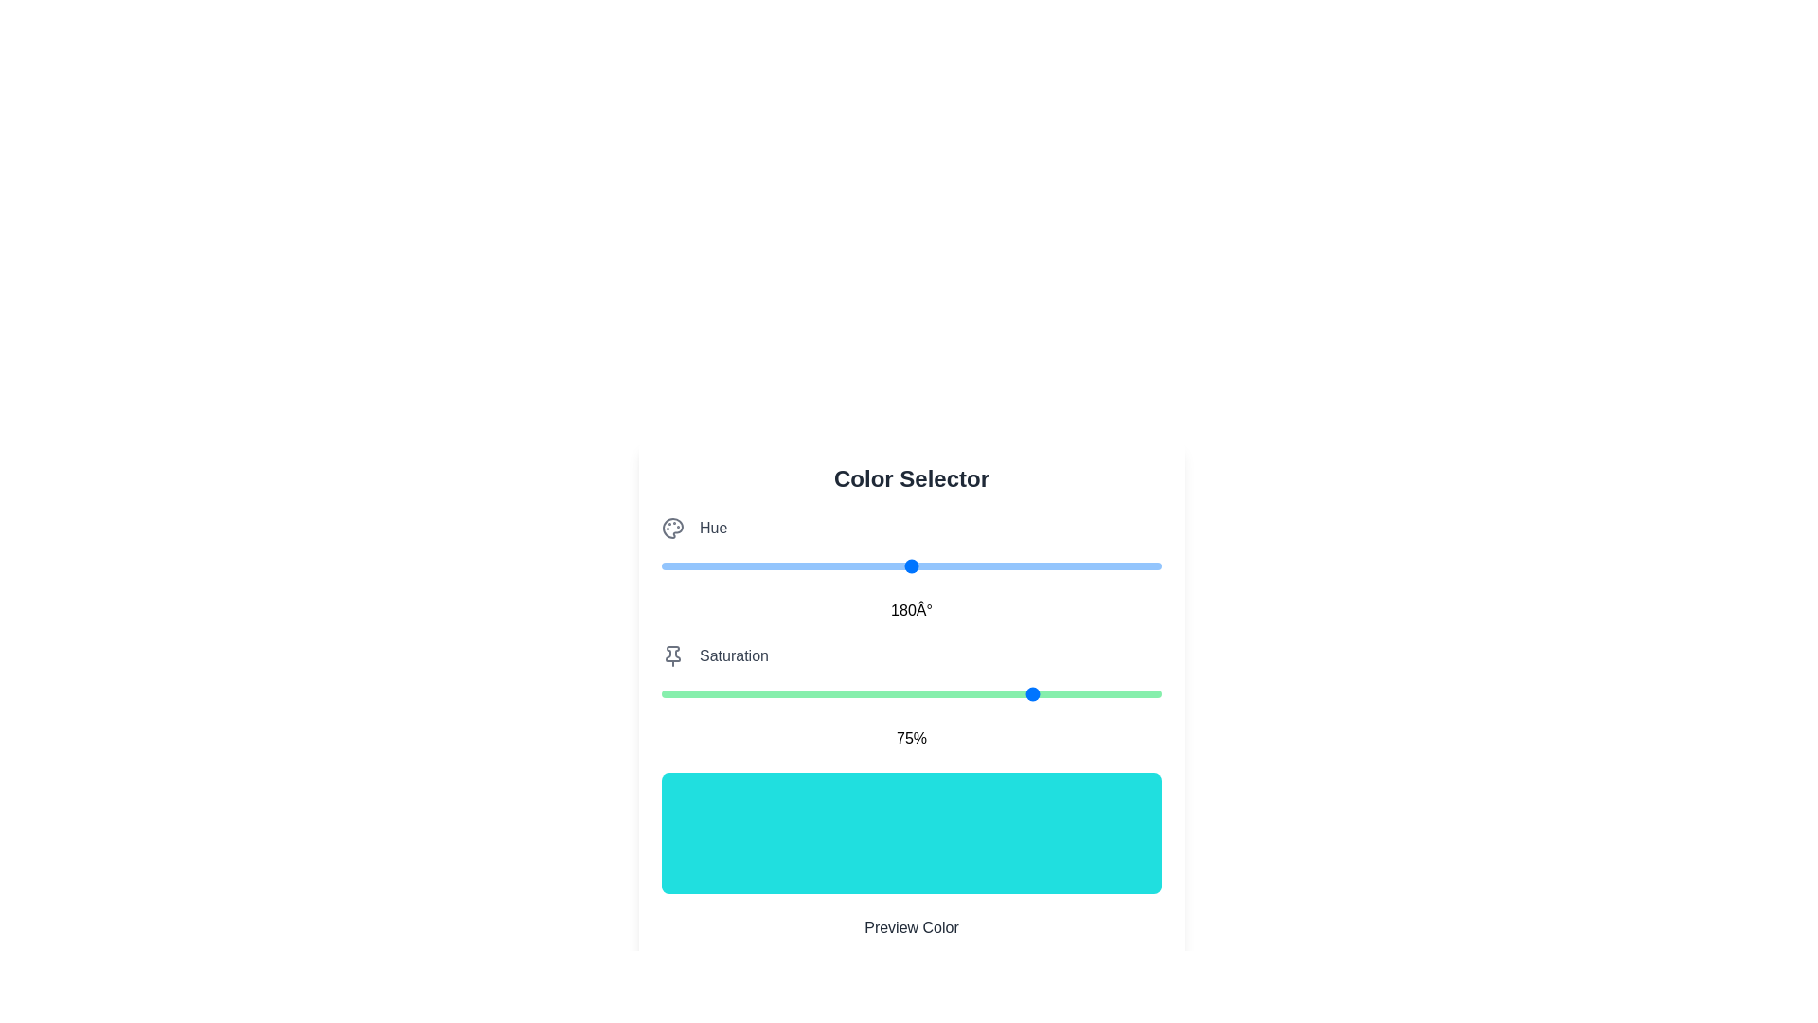 Image resolution: width=1818 pixels, height=1023 pixels. What do you see at coordinates (912, 565) in the screenshot?
I see `the Hue slider located under the 'Hue' label and above the numeric value '180°' for keyboard interaction` at bounding box center [912, 565].